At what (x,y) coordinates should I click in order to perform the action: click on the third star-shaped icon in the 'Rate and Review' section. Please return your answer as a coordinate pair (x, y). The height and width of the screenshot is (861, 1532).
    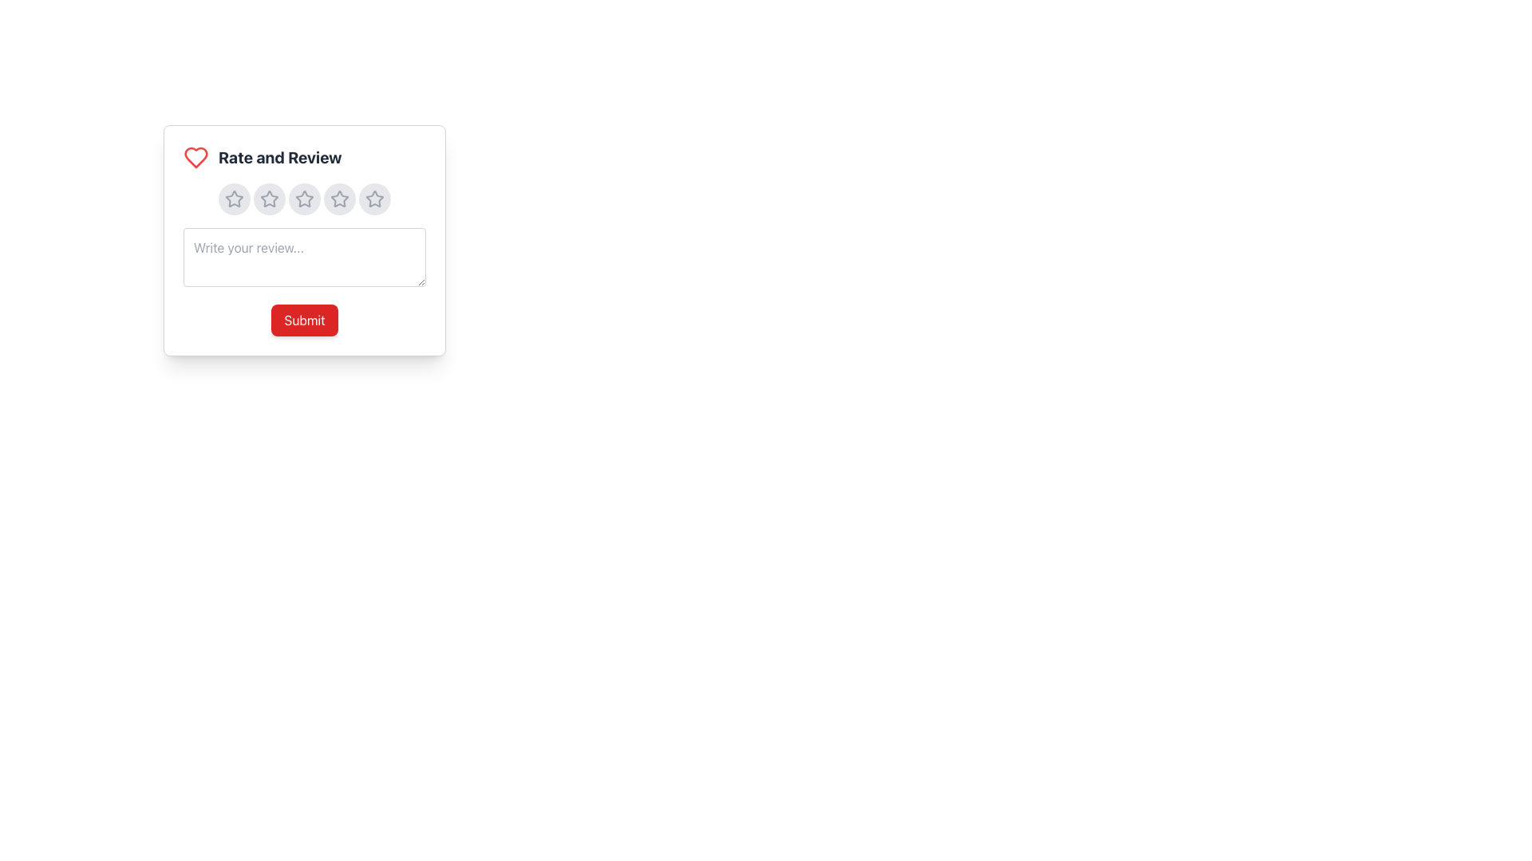
    Looking at the image, I should click on (305, 199).